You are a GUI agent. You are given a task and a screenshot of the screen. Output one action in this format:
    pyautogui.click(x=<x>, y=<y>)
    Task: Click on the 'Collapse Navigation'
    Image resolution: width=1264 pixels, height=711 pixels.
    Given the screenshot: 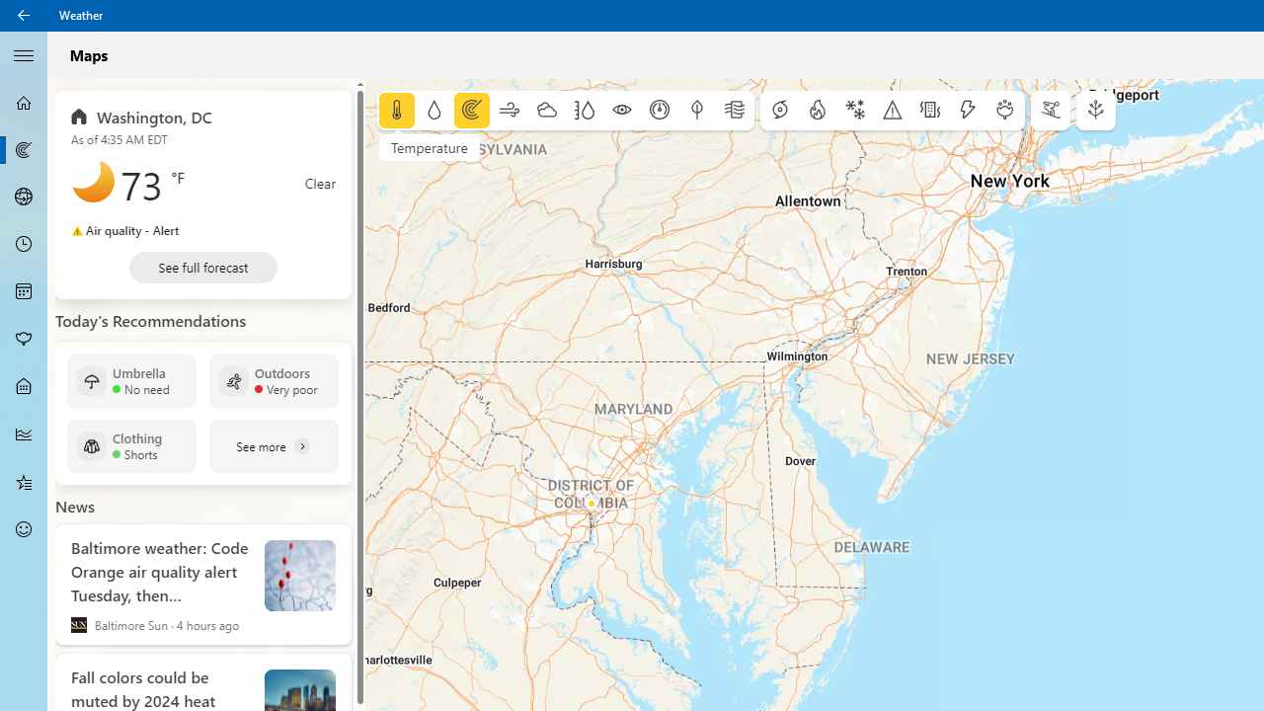 What is the action you would take?
    pyautogui.click(x=24, y=53)
    